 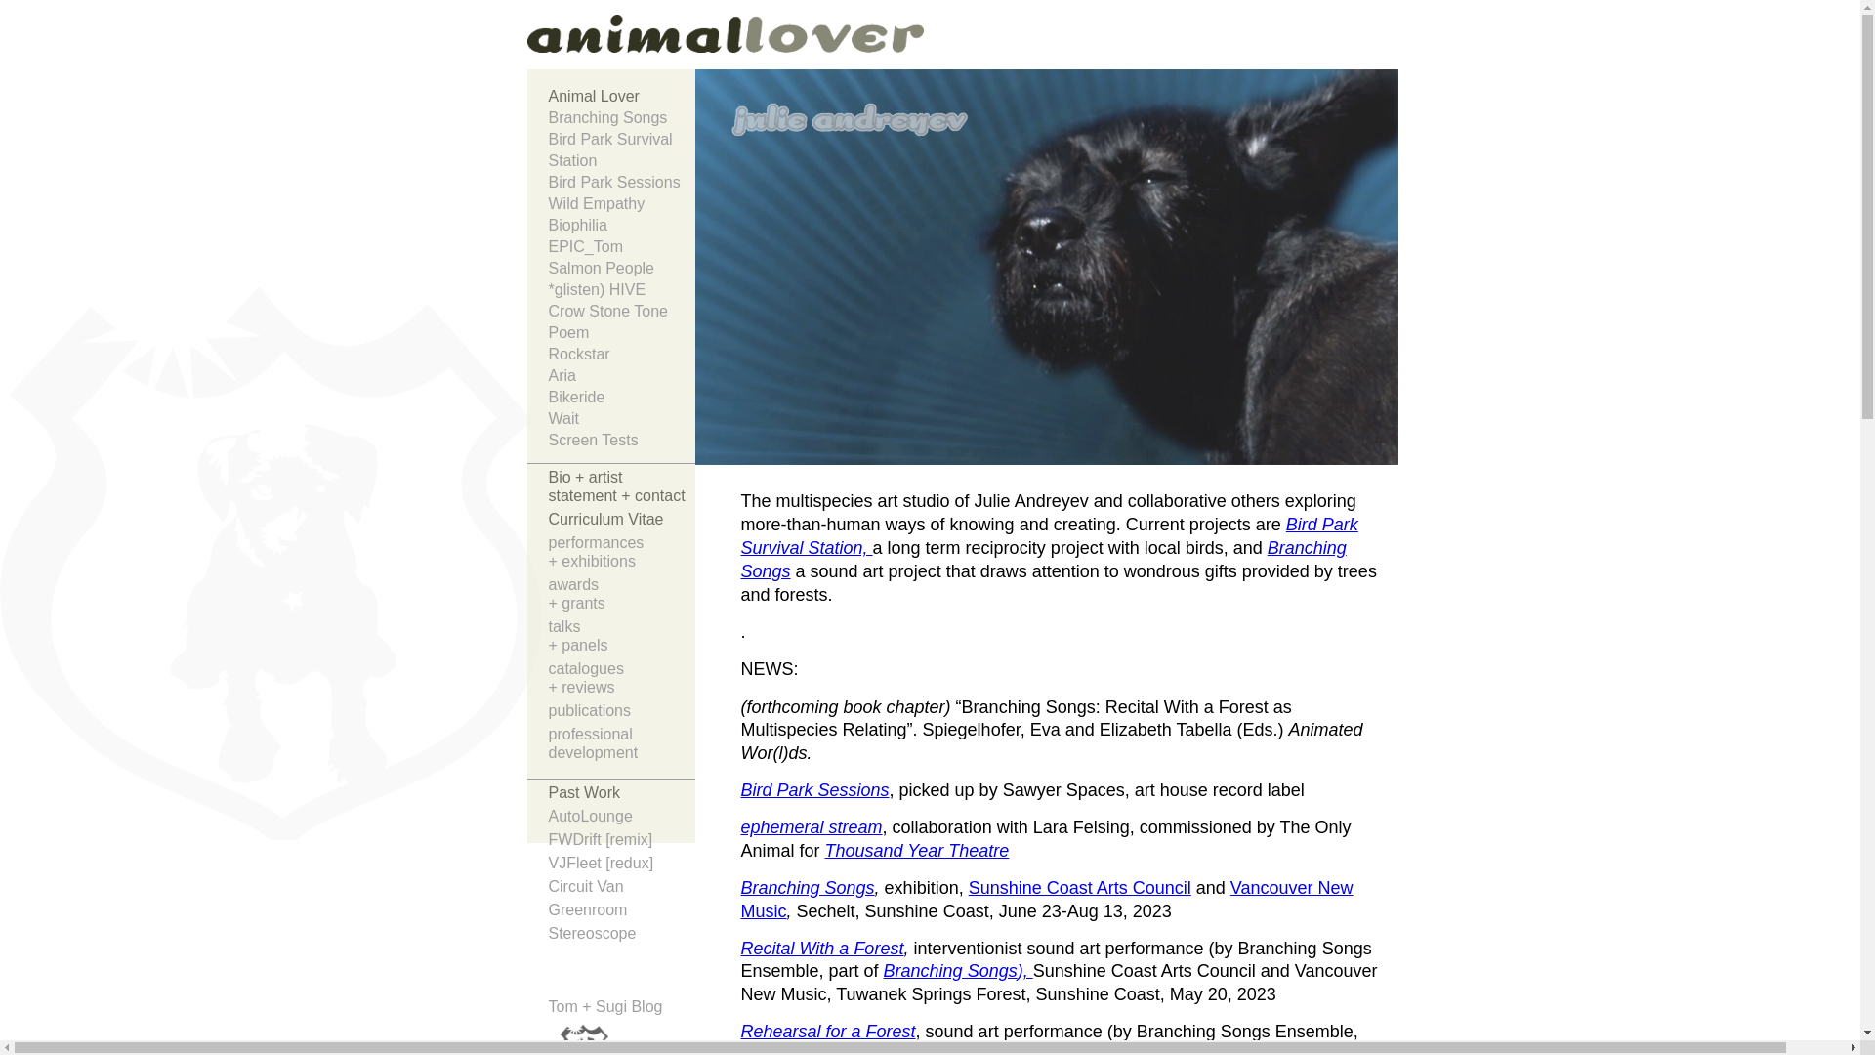 What do you see at coordinates (547, 679) in the screenshot?
I see `'catalogues` at bounding box center [547, 679].